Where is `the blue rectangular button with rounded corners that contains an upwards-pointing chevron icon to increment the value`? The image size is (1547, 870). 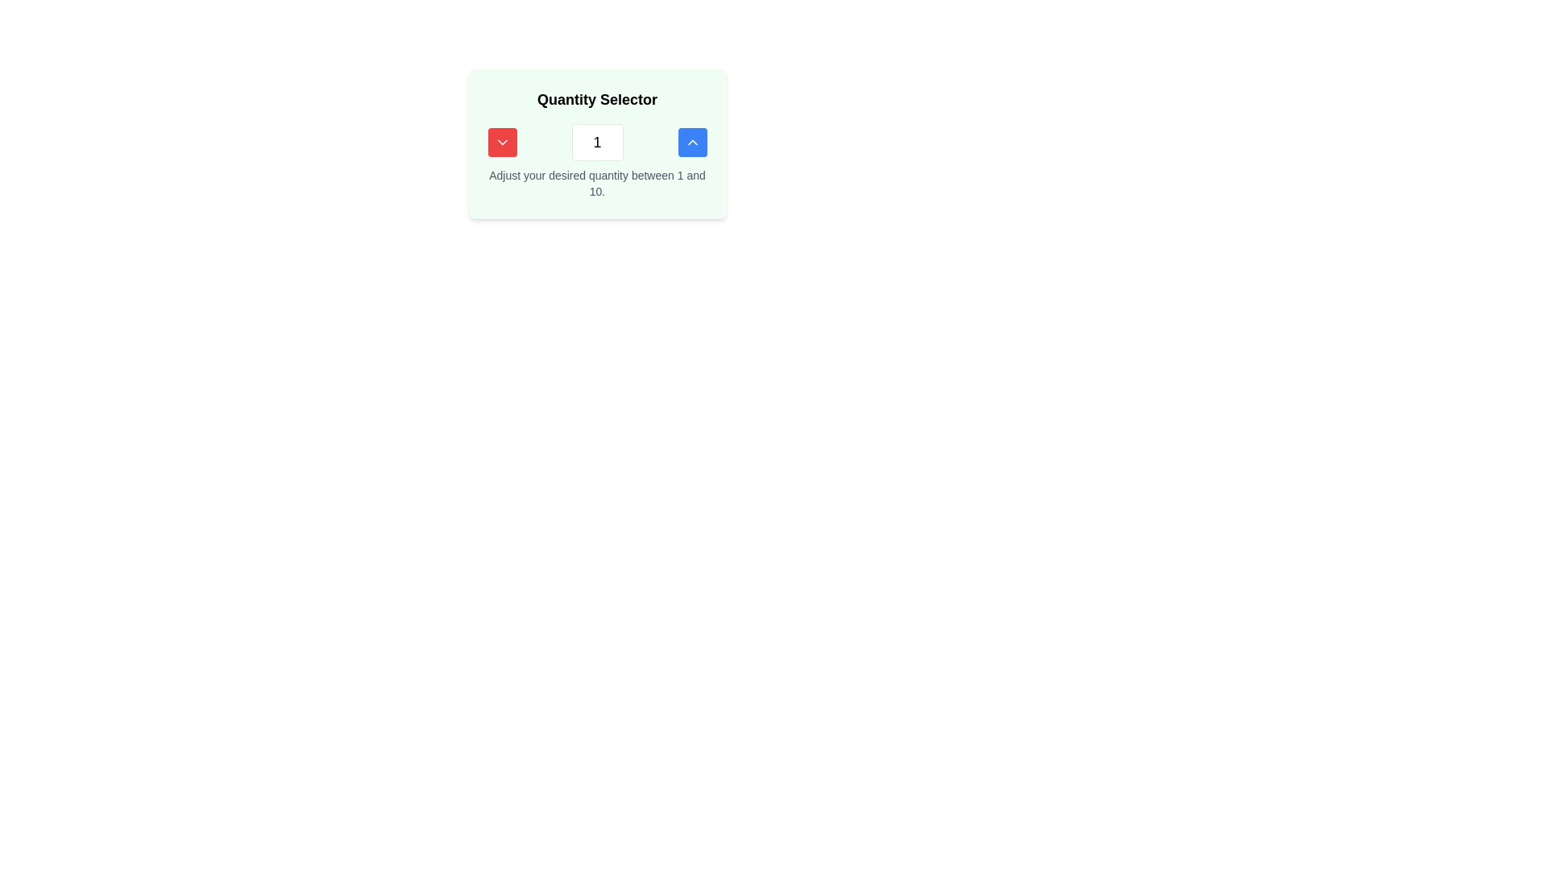 the blue rectangular button with rounded corners that contains an upwards-pointing chevron icon to increment the value is located at coordinates (692, 142).